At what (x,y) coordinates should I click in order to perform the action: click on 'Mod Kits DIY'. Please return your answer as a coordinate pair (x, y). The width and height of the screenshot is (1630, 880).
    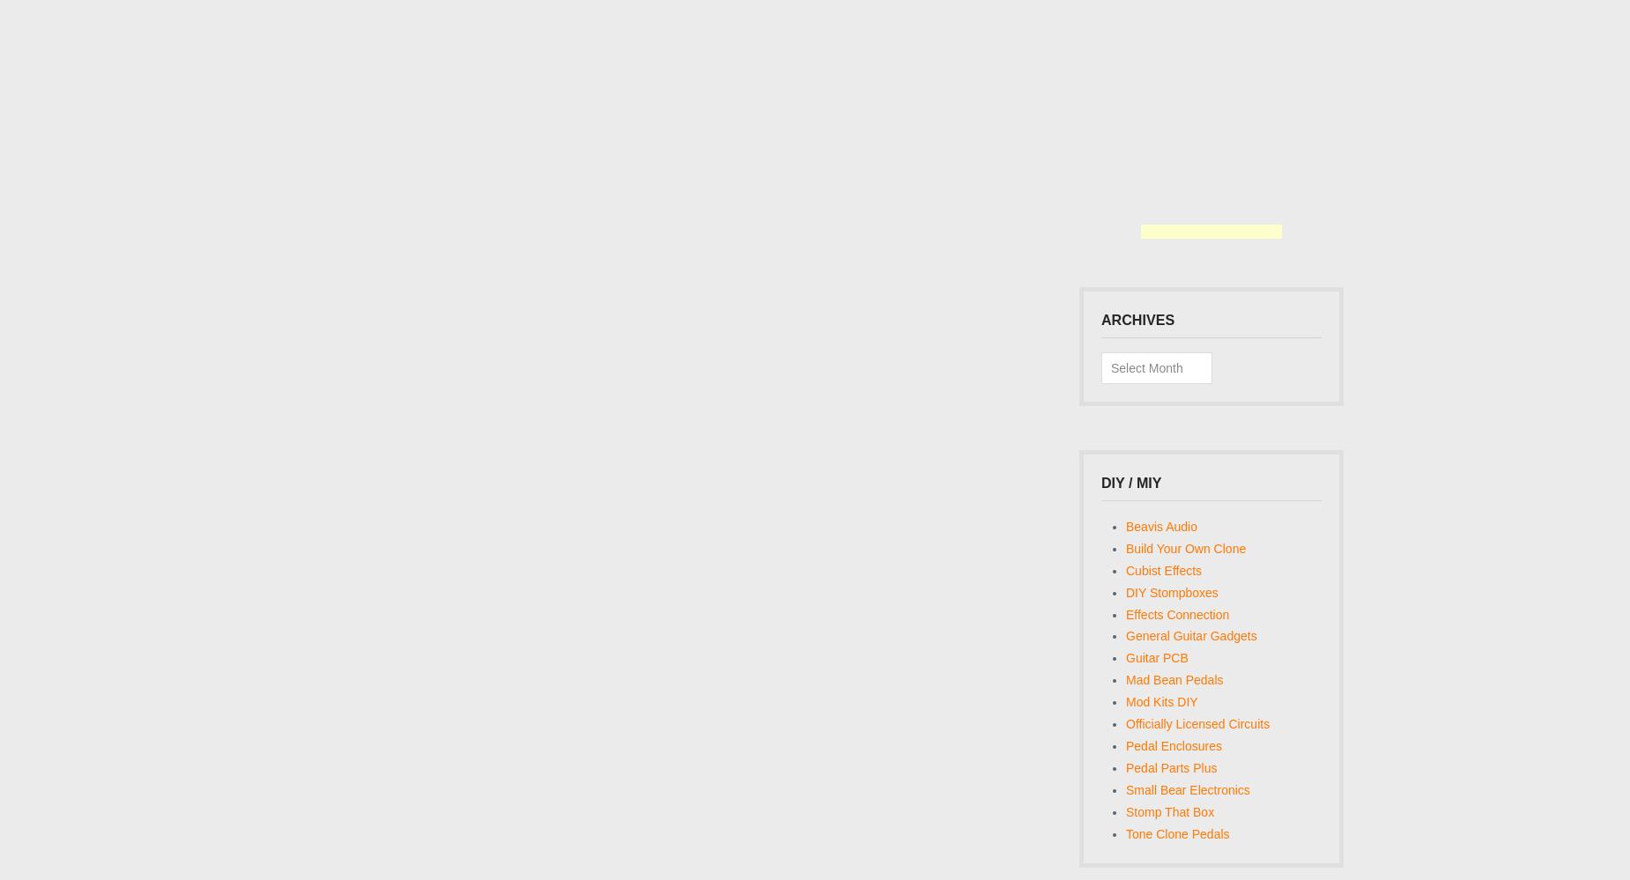
    Looking at the image, I should click on (1160, 702).